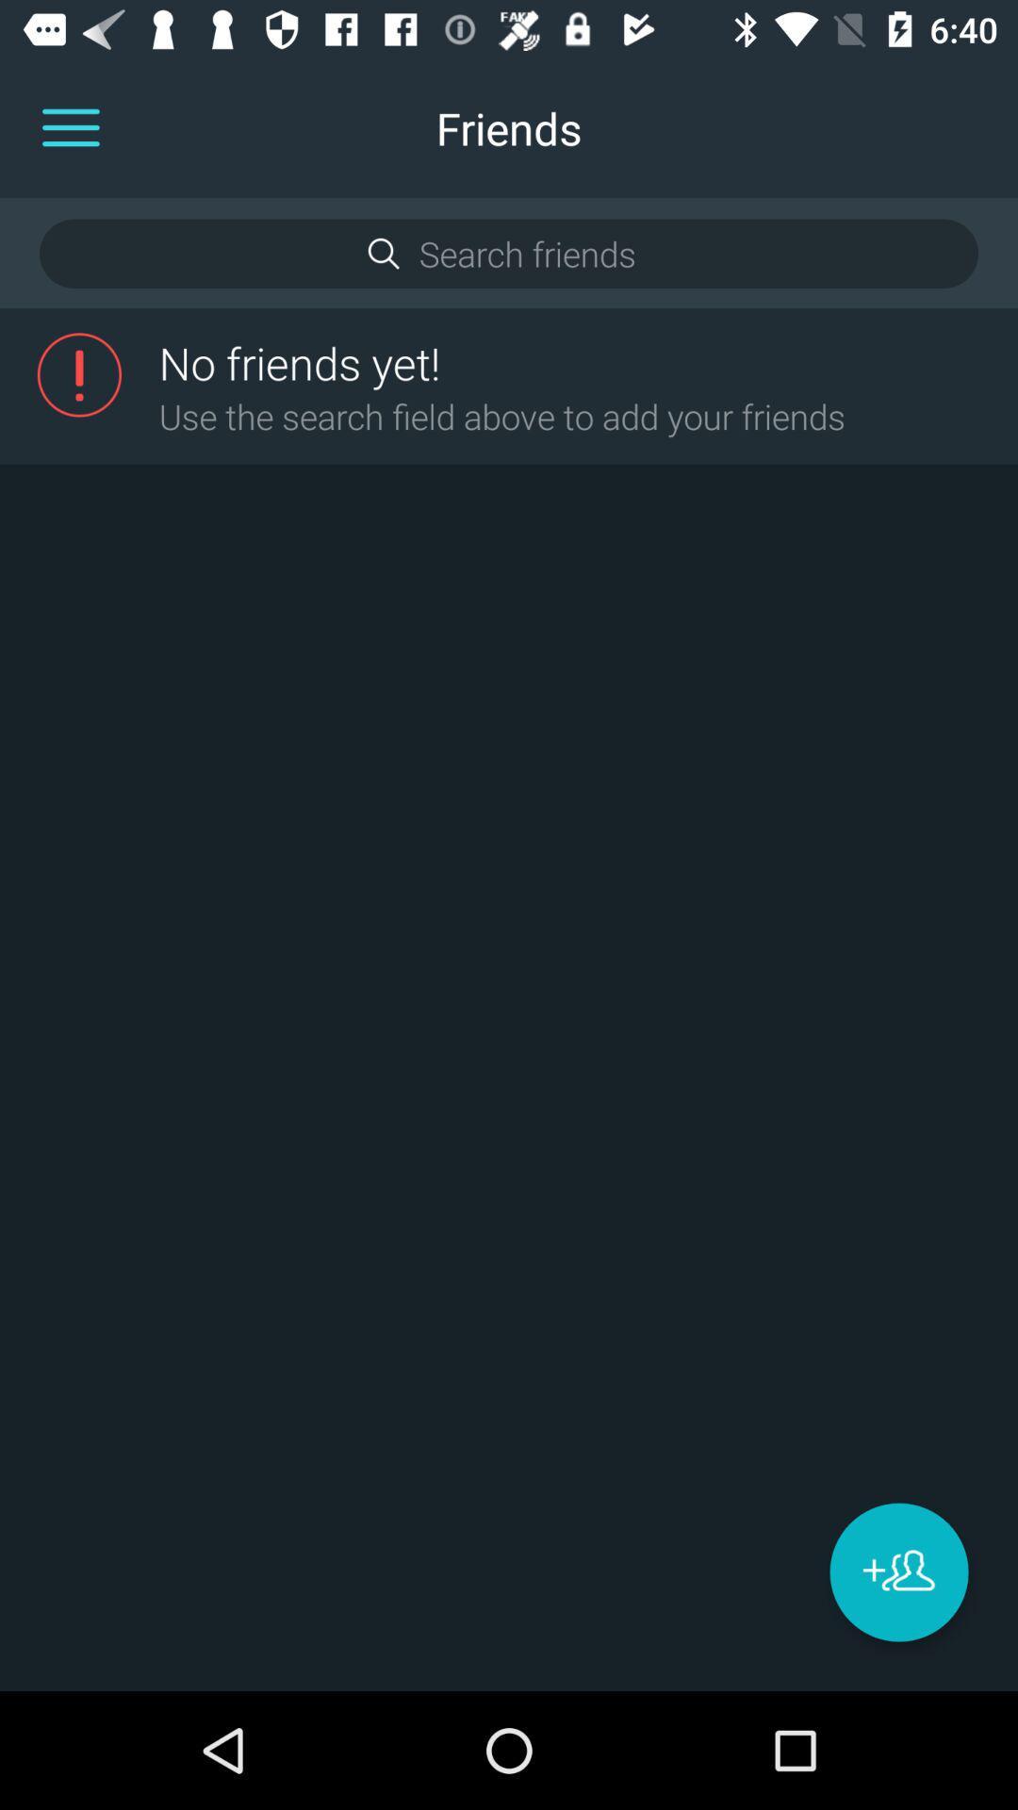 The height and width of the screenshot is (1810, 1018). What do you see at coordinates (70, 127) in the screenshot?
I see `it can be used to open options menu` at bounding box center [70, 127].